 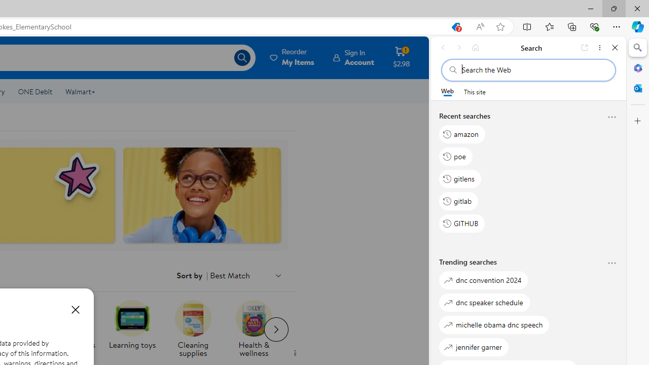 I want to click on 'jennifer garner', so click(x=474, y=346).